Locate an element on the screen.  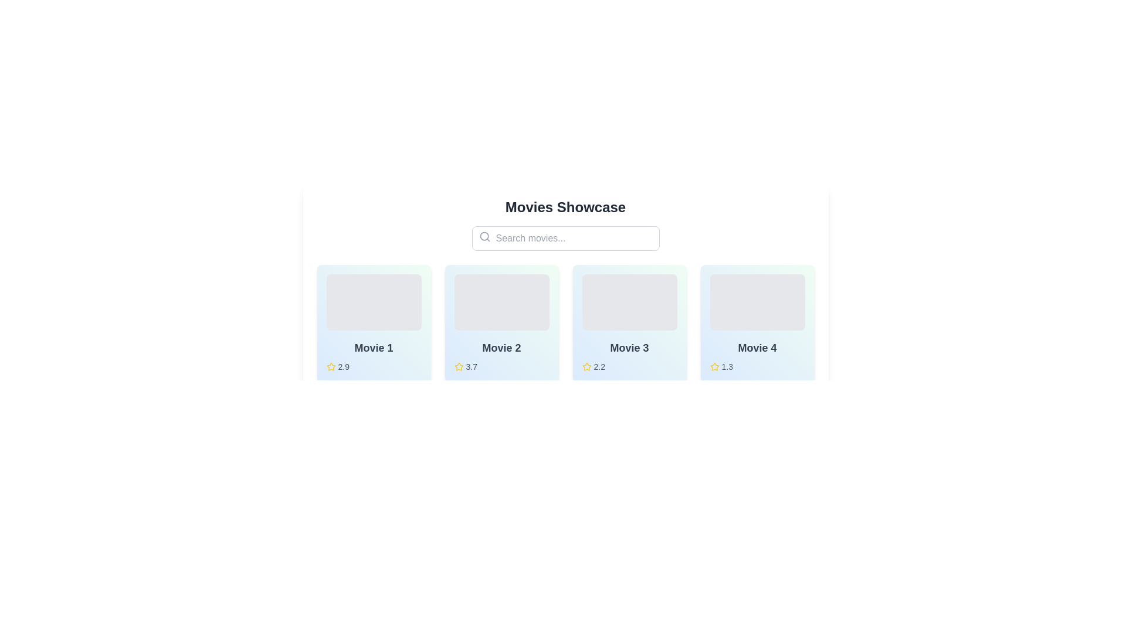
the movie card that displays the title and rating information, positioned in the fourth slot of the Movies Showcase section, immediately left of the Movie 3 card is located at coordinates (757, 323).